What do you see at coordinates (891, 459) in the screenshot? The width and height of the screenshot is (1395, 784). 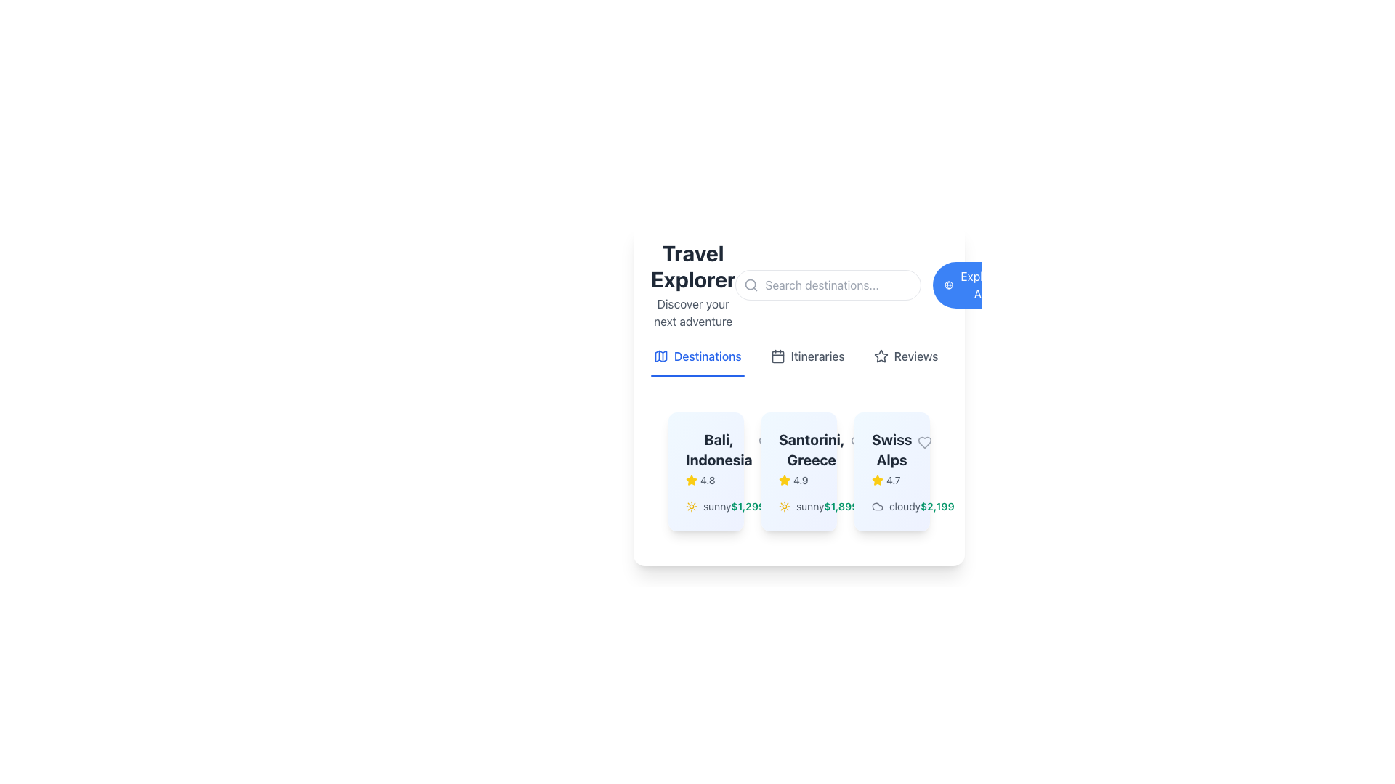 I see `the destination card titled 'Swiss Alps' with a rating of 4.7, located in the third position of the horizontally arranged list of cards under the 'Destinations' section` at bounding box center [891, 459].